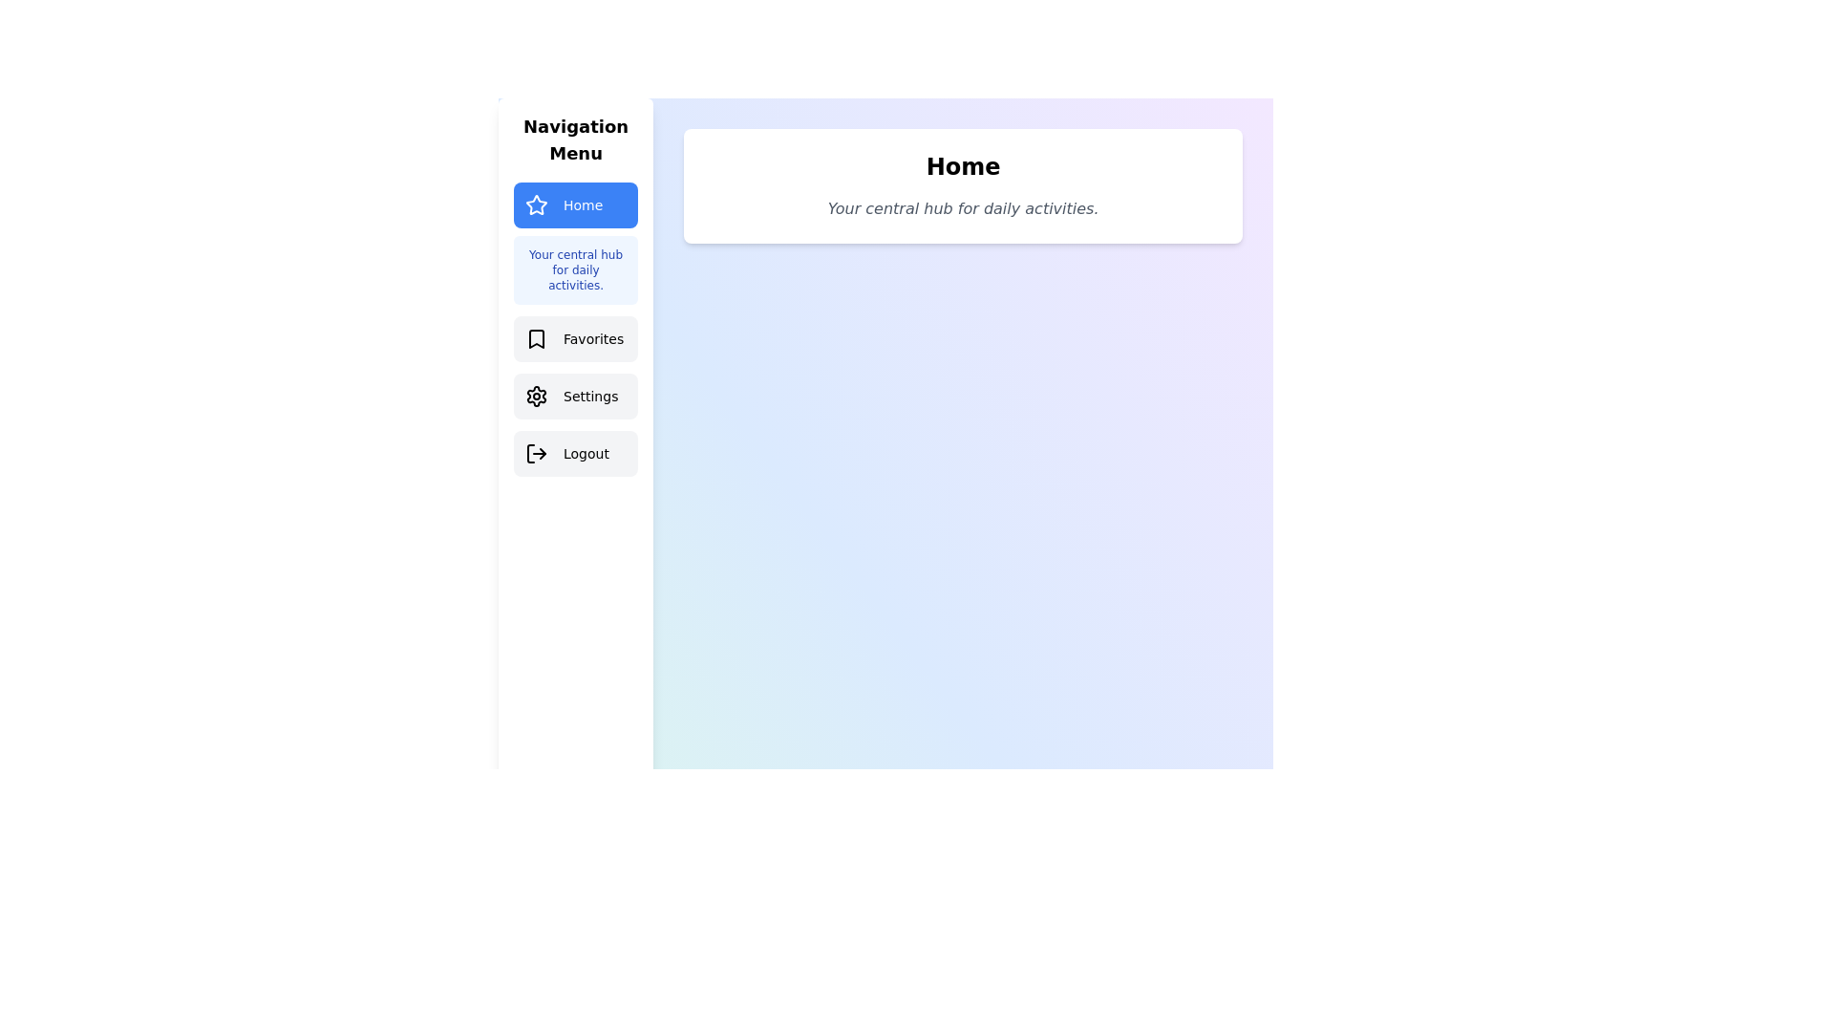 The image size is (1834, 1032). What do you see at coordinates (575, 205) in the screenshot?
I see `the menu tab Home to preview its interaction` at bounding box center [575, 205].